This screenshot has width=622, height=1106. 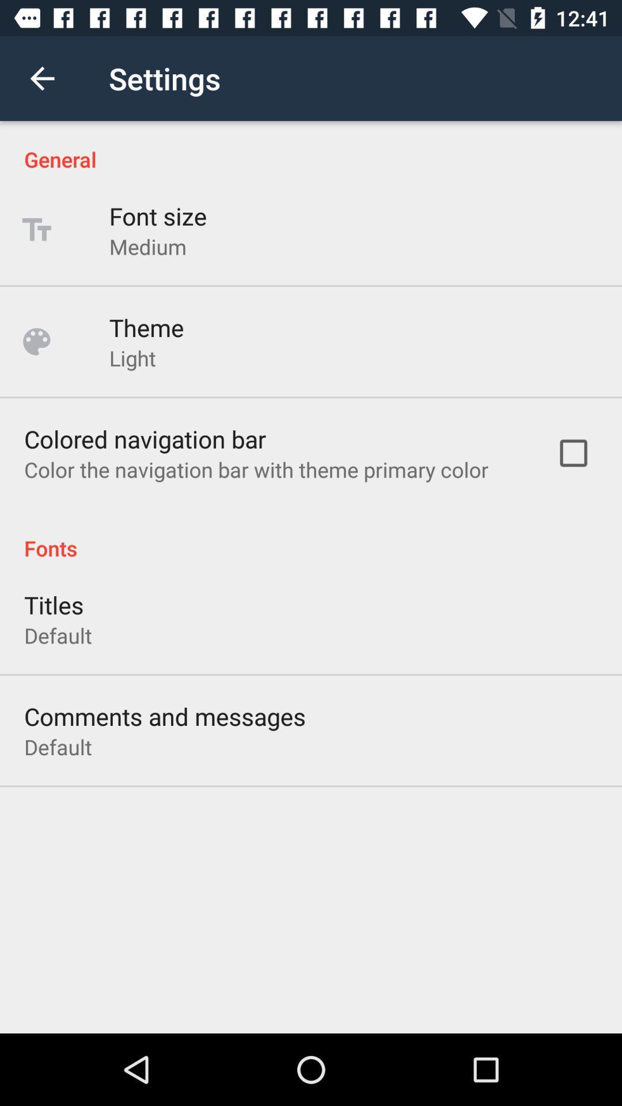 I want to click on the medium, so click(x=147, y=246).